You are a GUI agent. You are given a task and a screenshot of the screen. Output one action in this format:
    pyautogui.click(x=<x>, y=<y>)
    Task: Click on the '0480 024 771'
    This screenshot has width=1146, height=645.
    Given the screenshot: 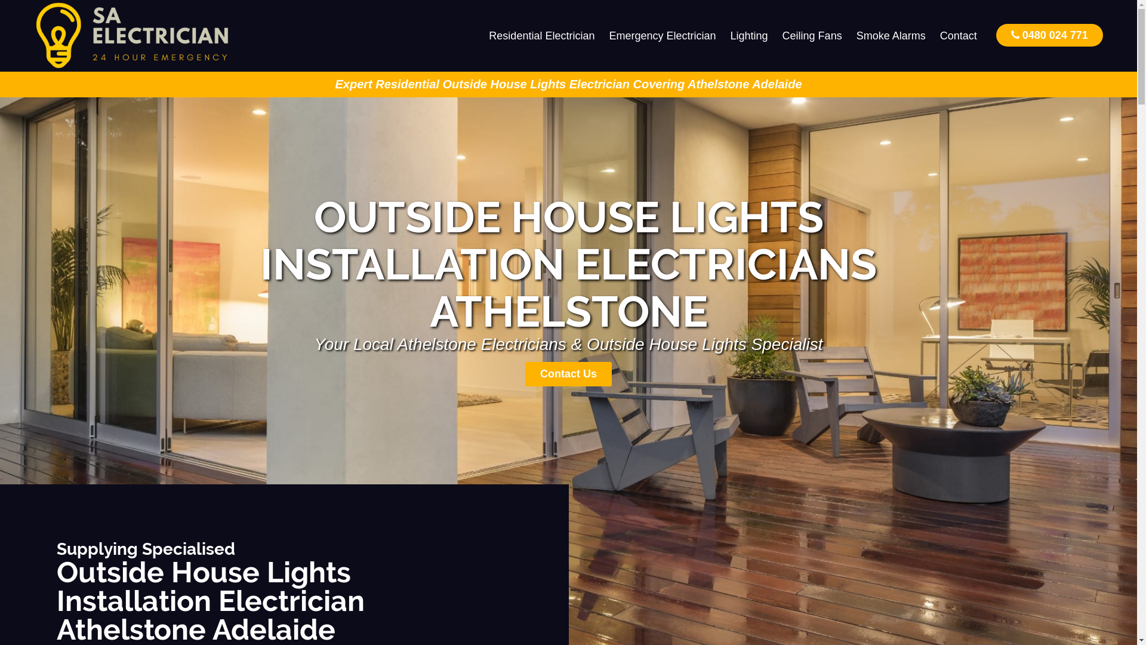 What is the action you would take?
    pyautogui.click(x=996, y=34)
    